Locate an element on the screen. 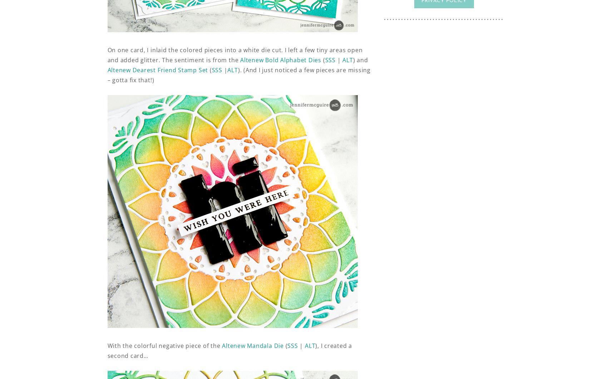 The width and height of the screenshot is (608, 379). ') and' is located at coordinates (360, 60).